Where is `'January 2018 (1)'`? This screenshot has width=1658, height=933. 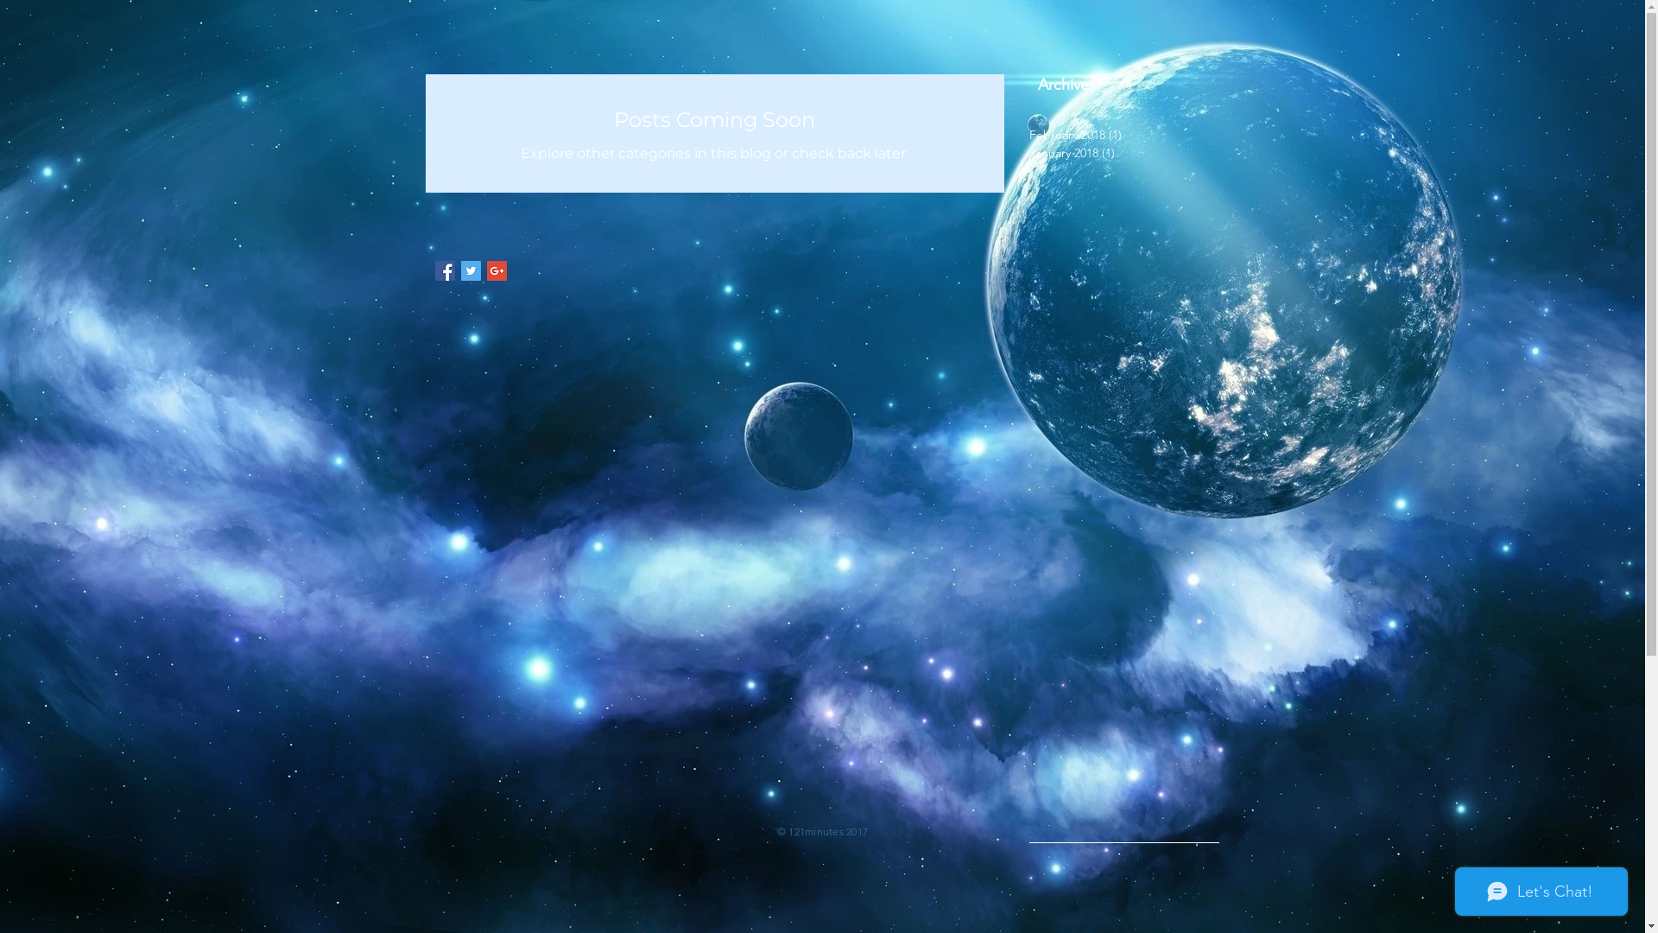
'January 2018 (1)' is located at coordinates (1119, 152).